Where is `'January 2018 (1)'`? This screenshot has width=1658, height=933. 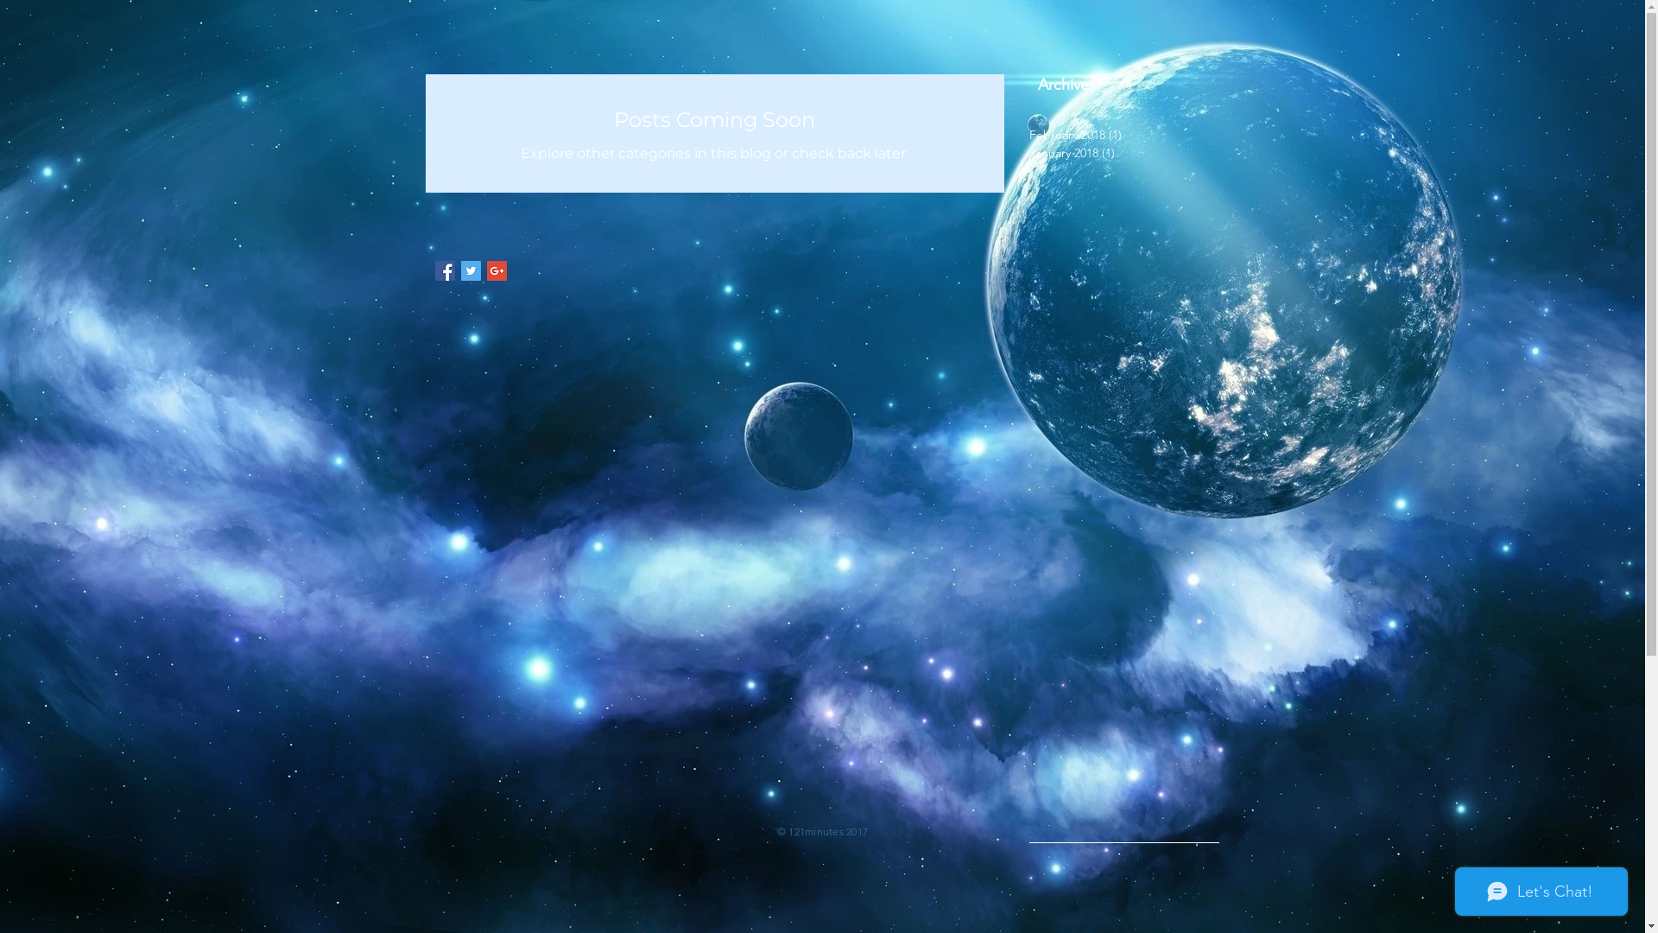
'January 2018 (1)' is located at coordinates (1119, 152).